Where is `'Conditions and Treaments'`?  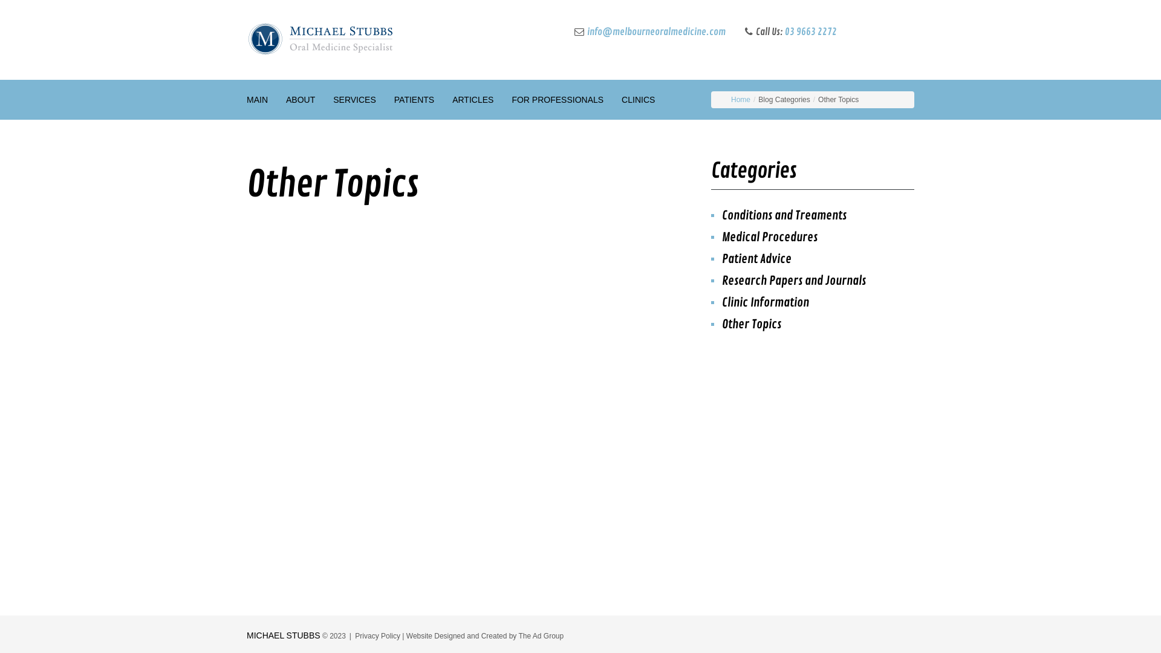
'Conditions and Treaments' is located at coordinates (784, 215).